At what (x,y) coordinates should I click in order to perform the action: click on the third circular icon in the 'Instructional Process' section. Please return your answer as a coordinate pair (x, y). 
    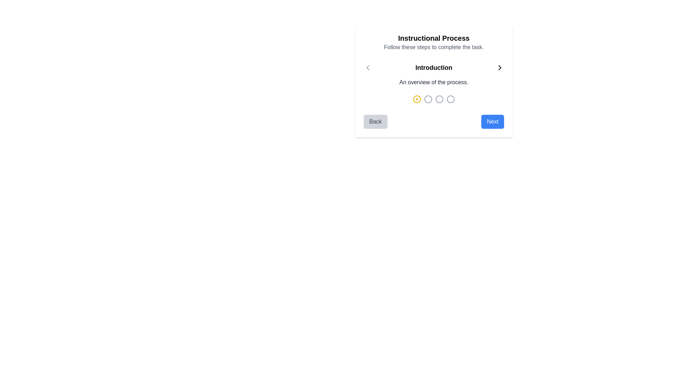
    Looking at the image, I should click on (439, 99).